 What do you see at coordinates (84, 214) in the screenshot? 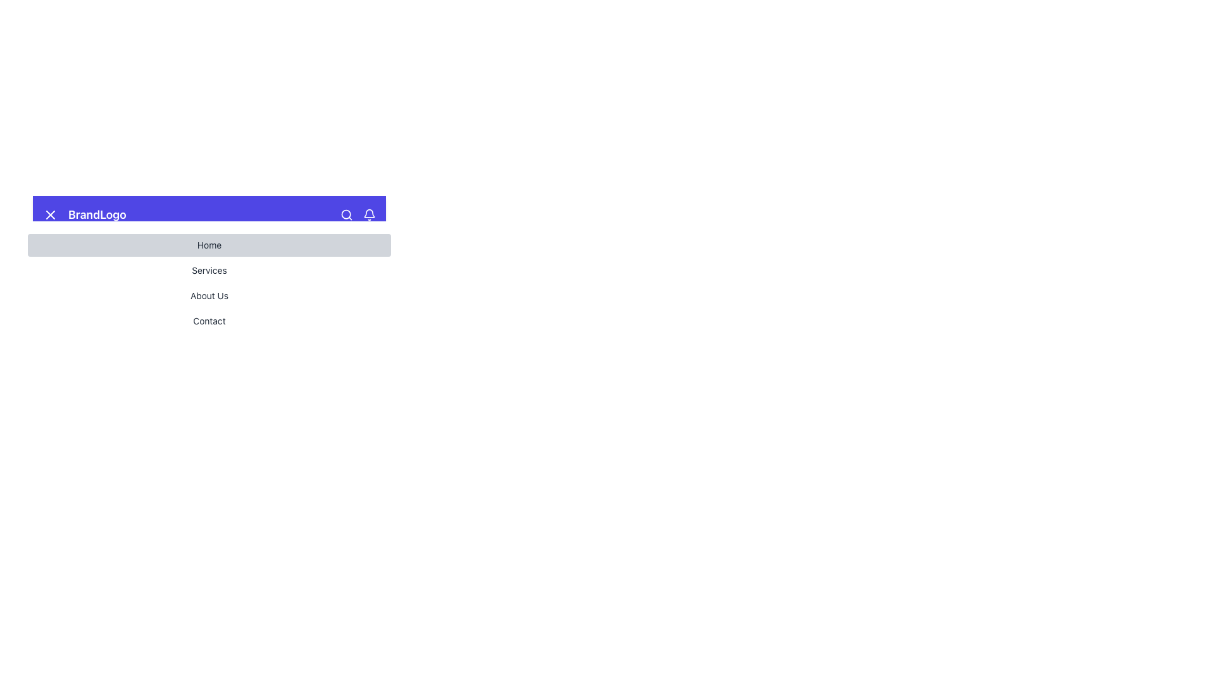
I see `the text label 'BrandLogo' that is styled in bold and large font, located at the leftmost side of the horizontal navigation bar` at bounding box center [84, 214].